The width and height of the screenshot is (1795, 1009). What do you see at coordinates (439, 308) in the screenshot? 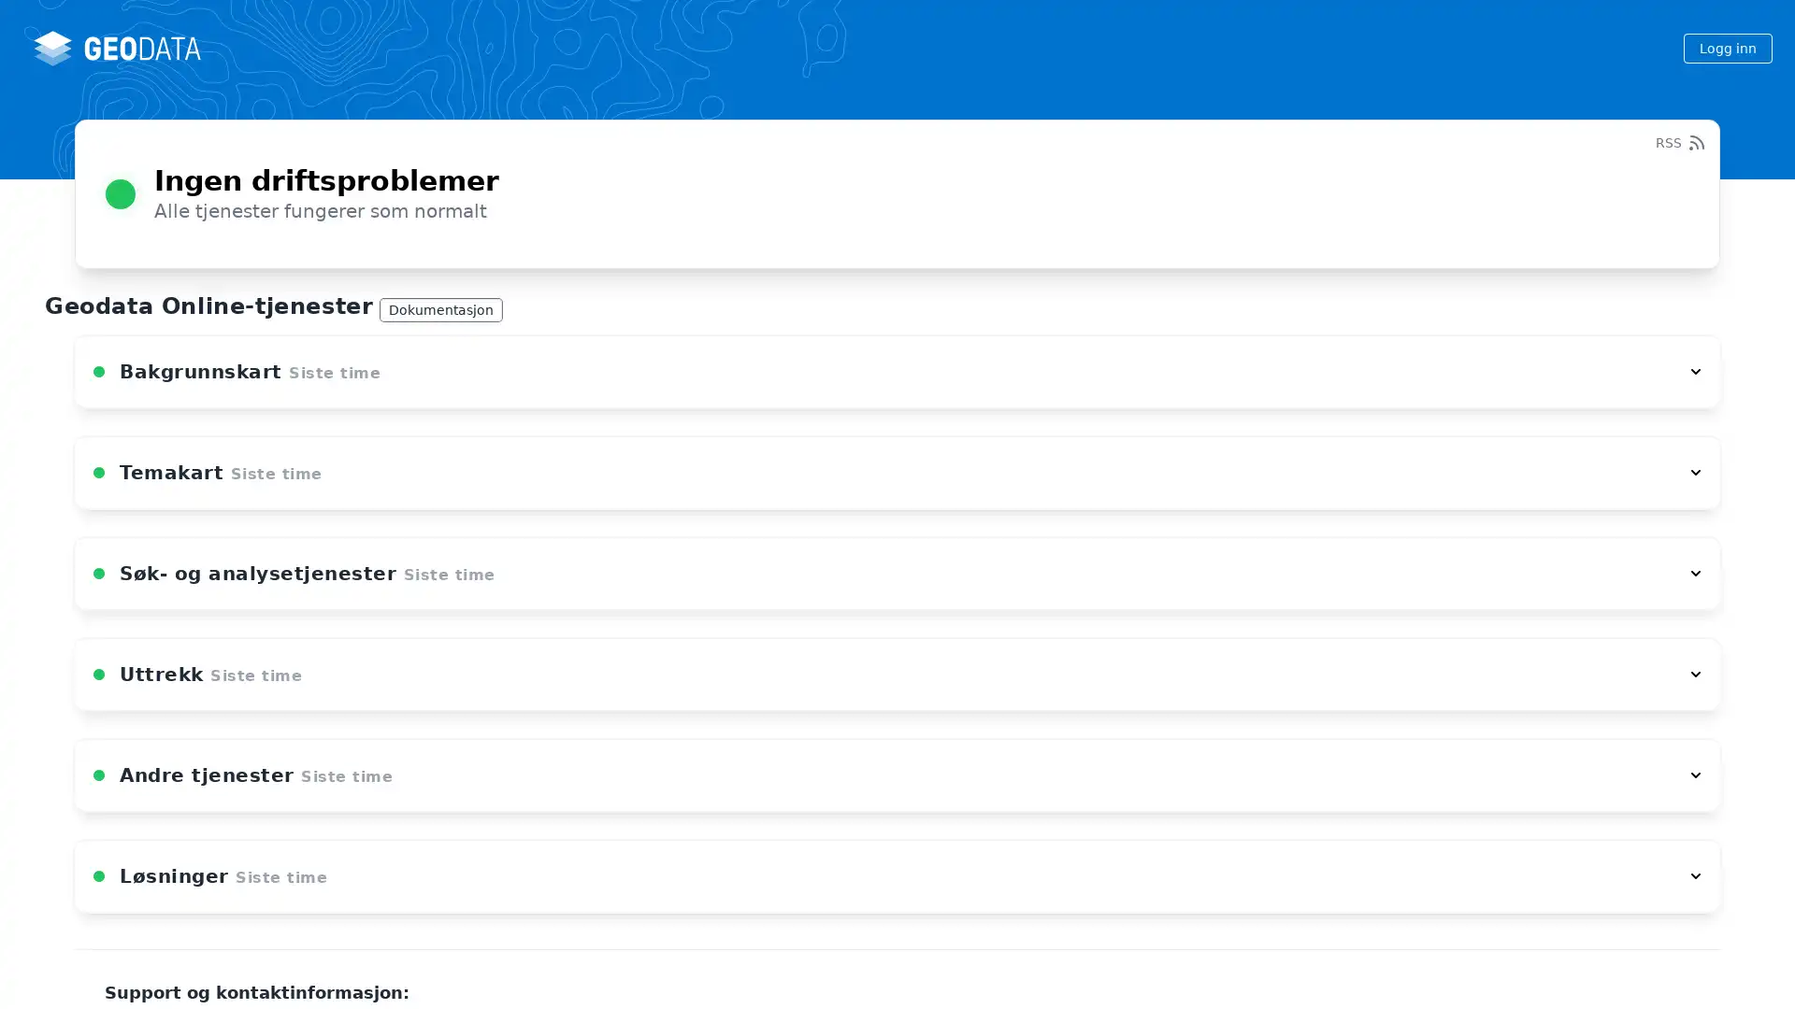
I see `Dokumentasjon` at bounding box center [439, 308].